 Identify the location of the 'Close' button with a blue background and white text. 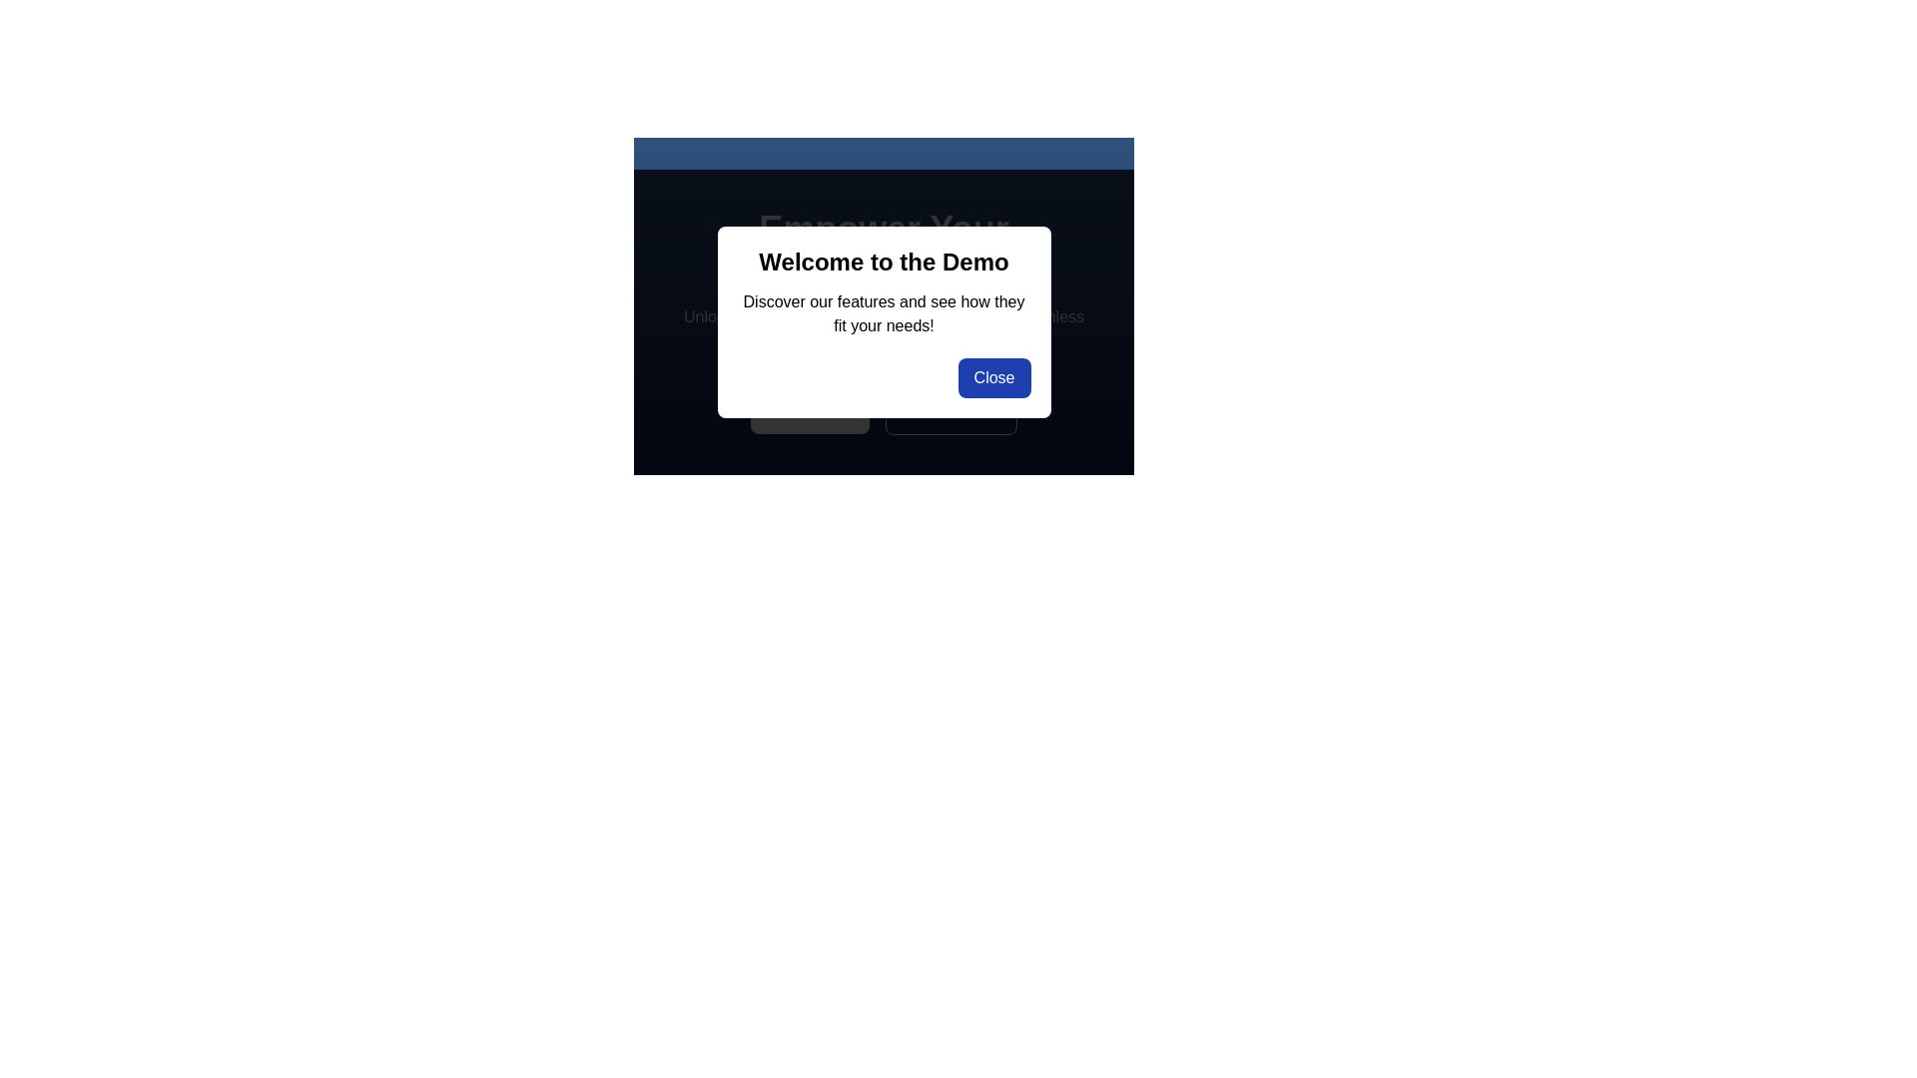
(994, 377).